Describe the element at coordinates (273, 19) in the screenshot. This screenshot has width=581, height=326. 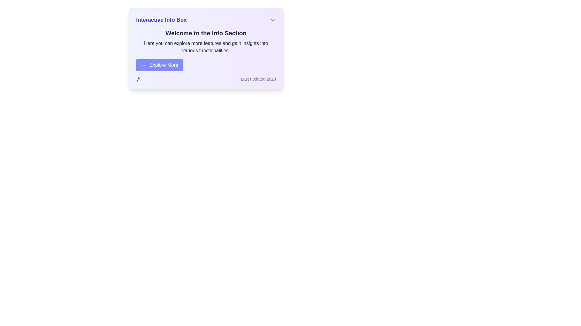
I see `the chevron-down SVG icon located at the top-right corner of the 'Interactive Info Box'` at that location.